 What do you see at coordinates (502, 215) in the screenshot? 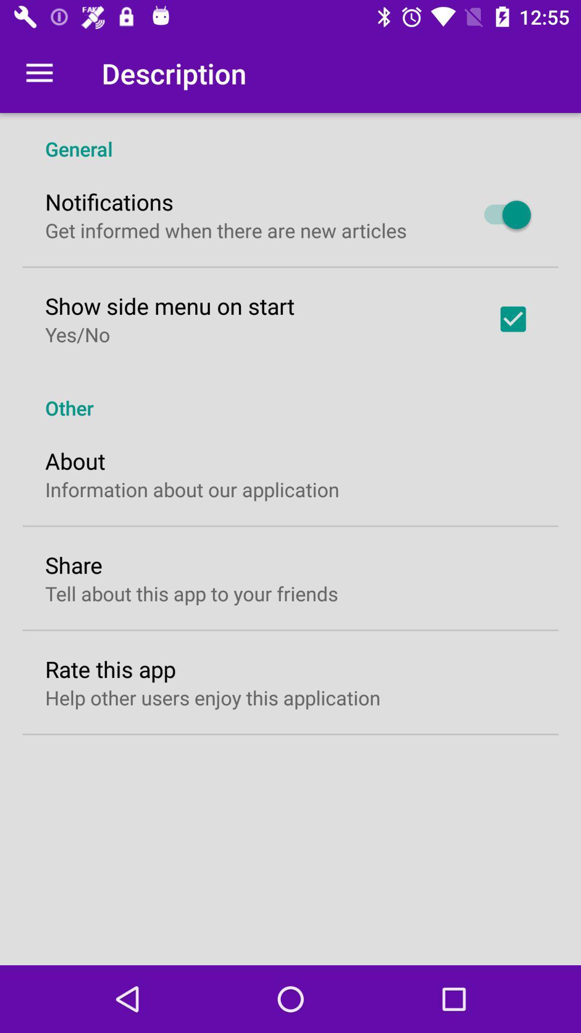
I see `the icon to the right of the get informed when` at bounding box center [502, 215].